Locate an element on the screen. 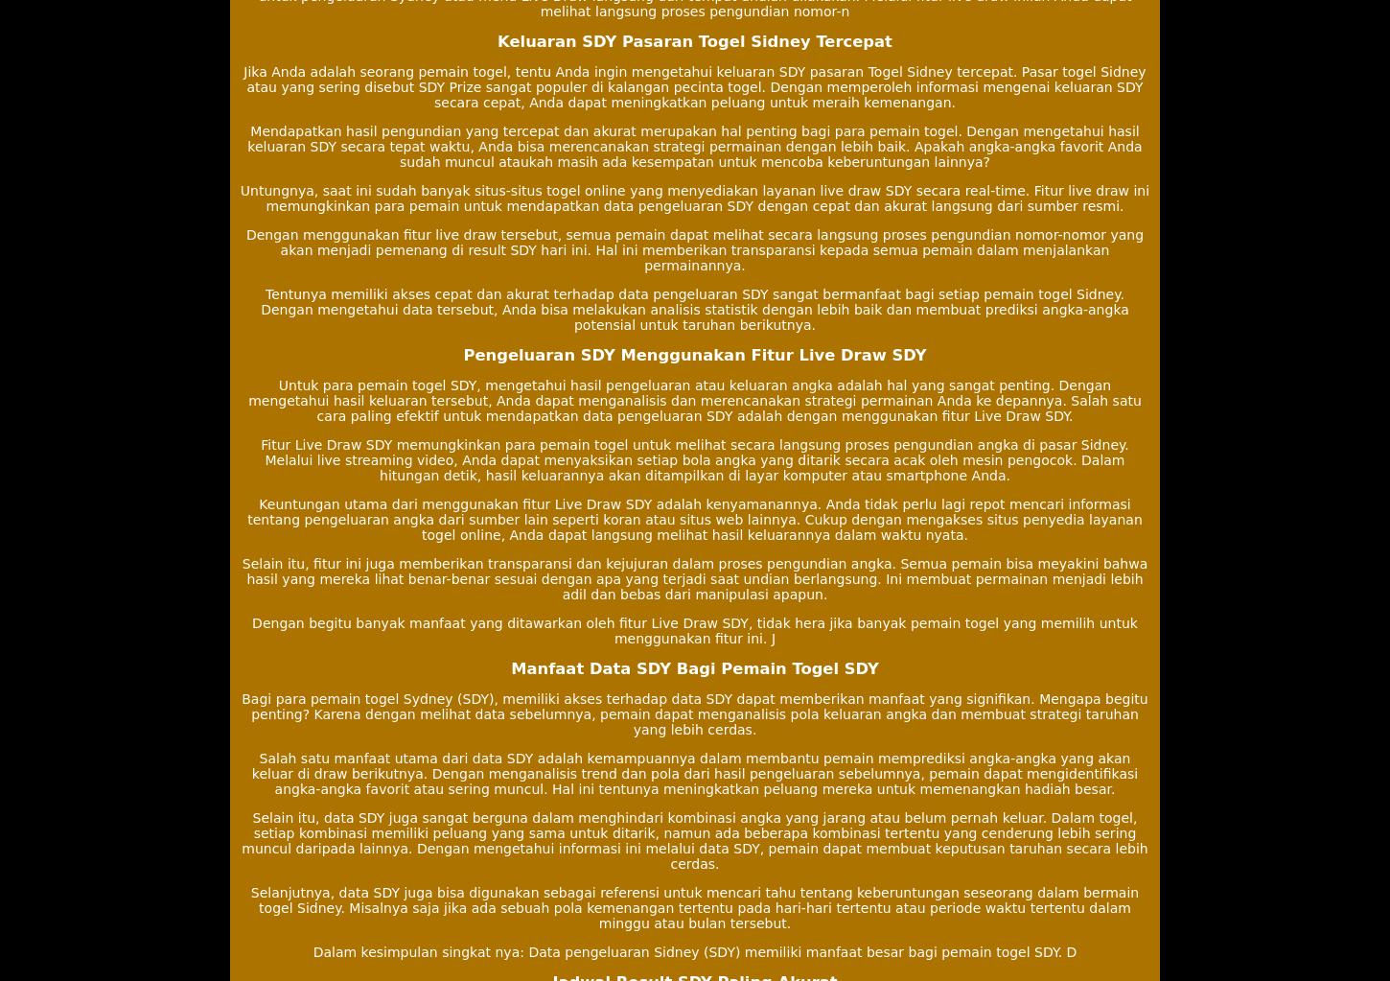 The height and width of the screenshot is (981, 1390). 'Fitur Live Draw SDY memungkinkan para pemain togel untuk melihat secara langsung proses pengundian angka di pasar Sidney. Melalui live streaming video, Anda dapat menyaksikan setiap bola angka yang ditarik secara acak oleh mesin pengocok. Dalam hitungan detik, hasil keluarannya akan ditampilkan di layar komputer atau smartphone Anda.' is located at coordinates (693, 458).